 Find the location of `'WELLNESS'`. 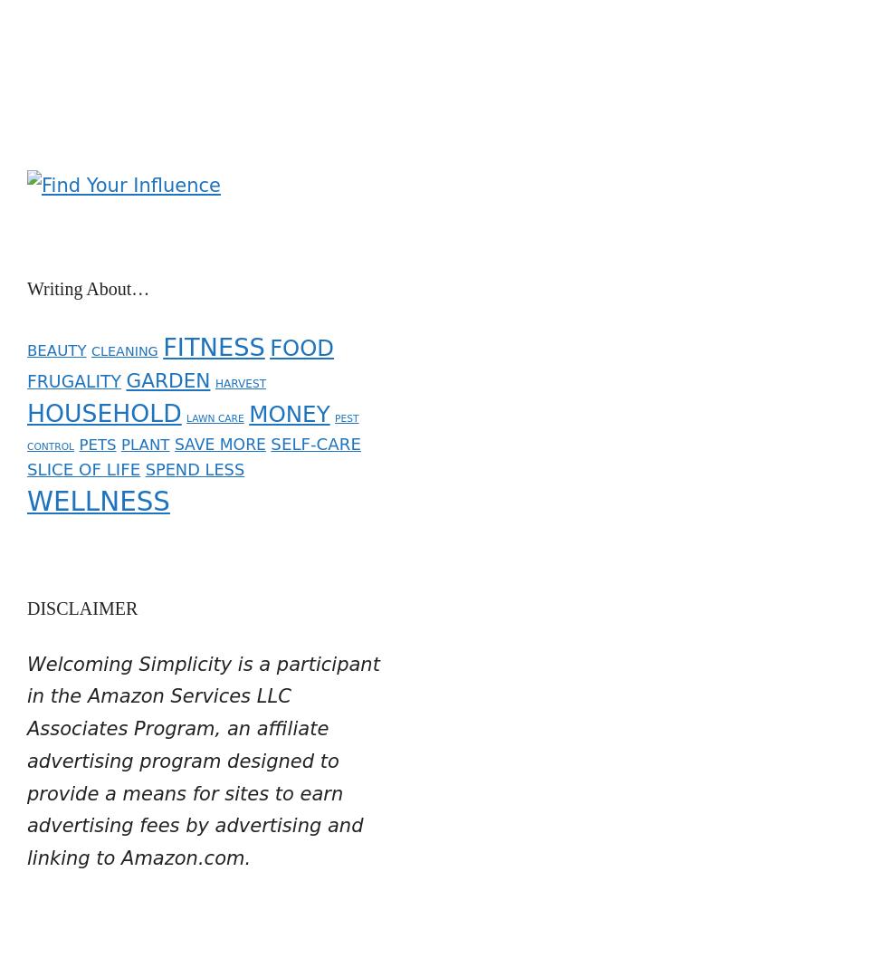

'WELLNESS' is located at coordinates (98, 489).